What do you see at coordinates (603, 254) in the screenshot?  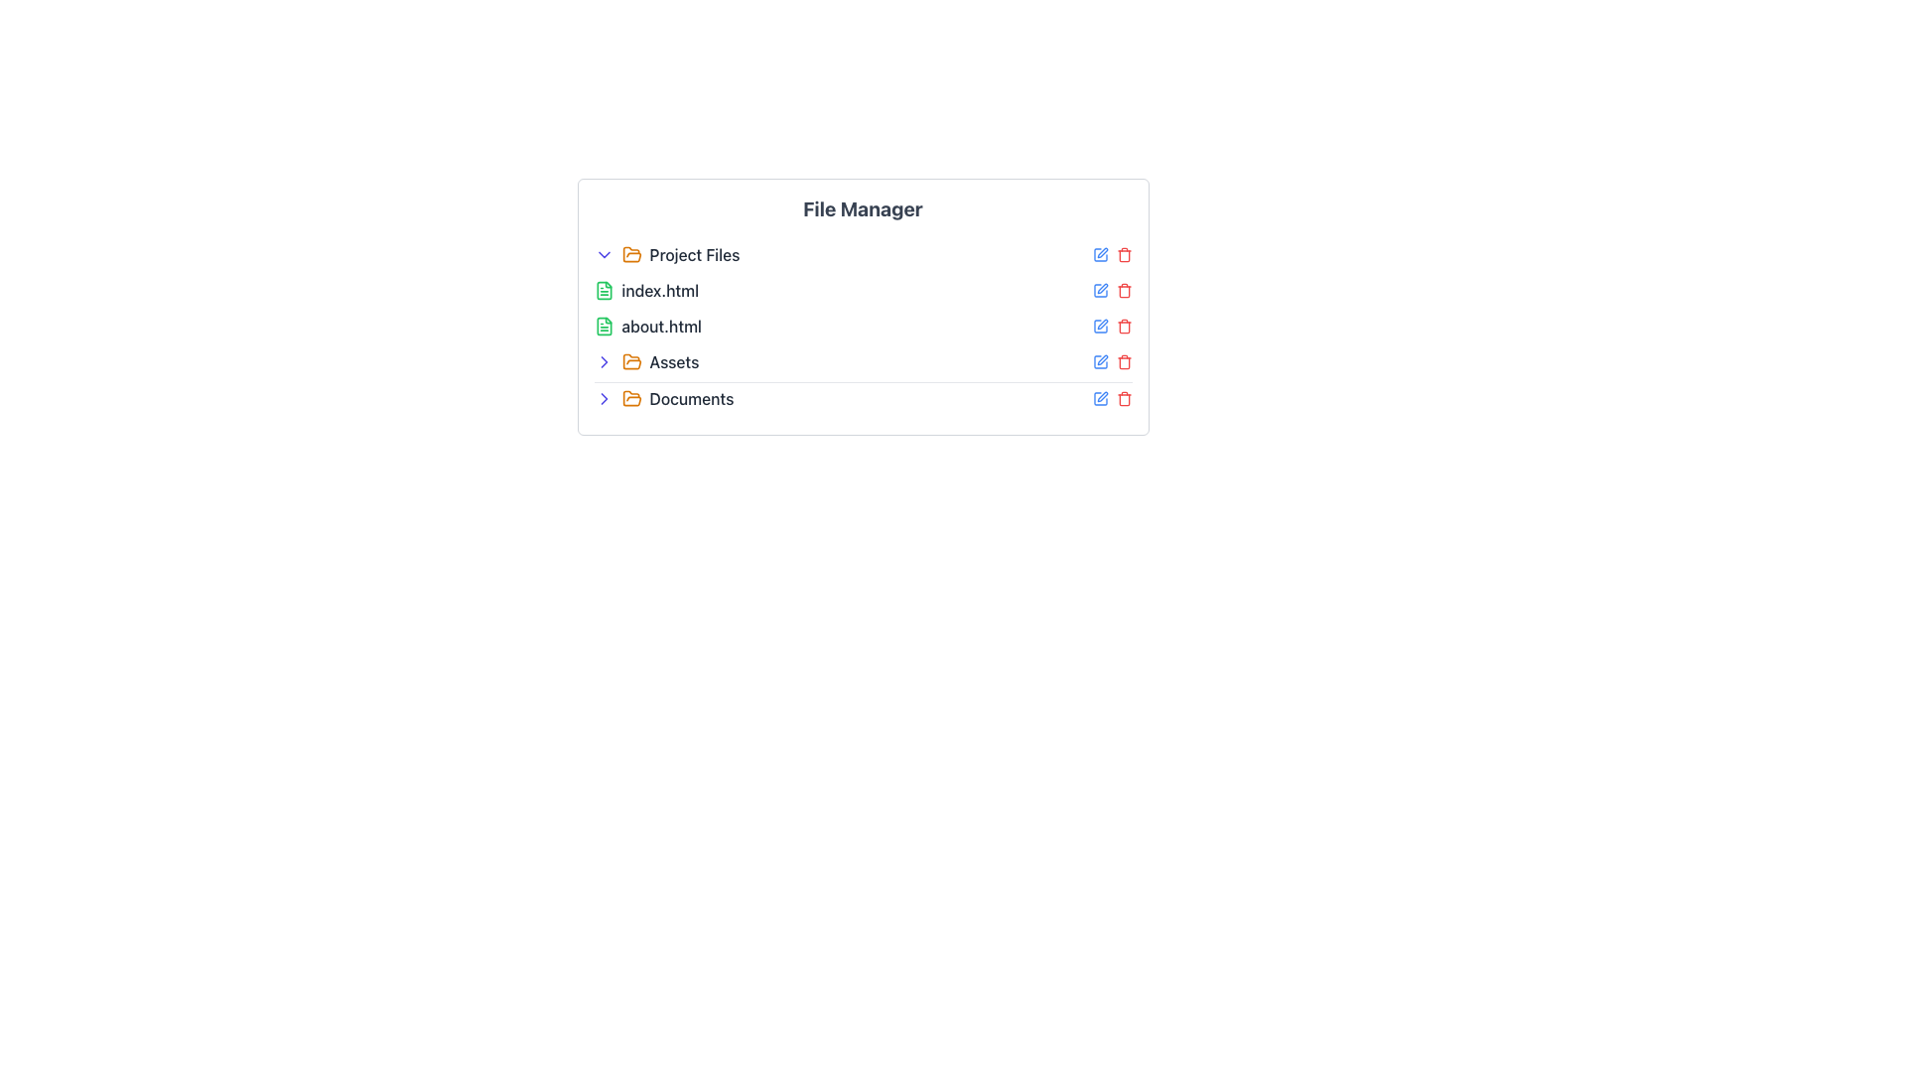 I see `the Chevron toggle icon` at bounding box center [603, 254].